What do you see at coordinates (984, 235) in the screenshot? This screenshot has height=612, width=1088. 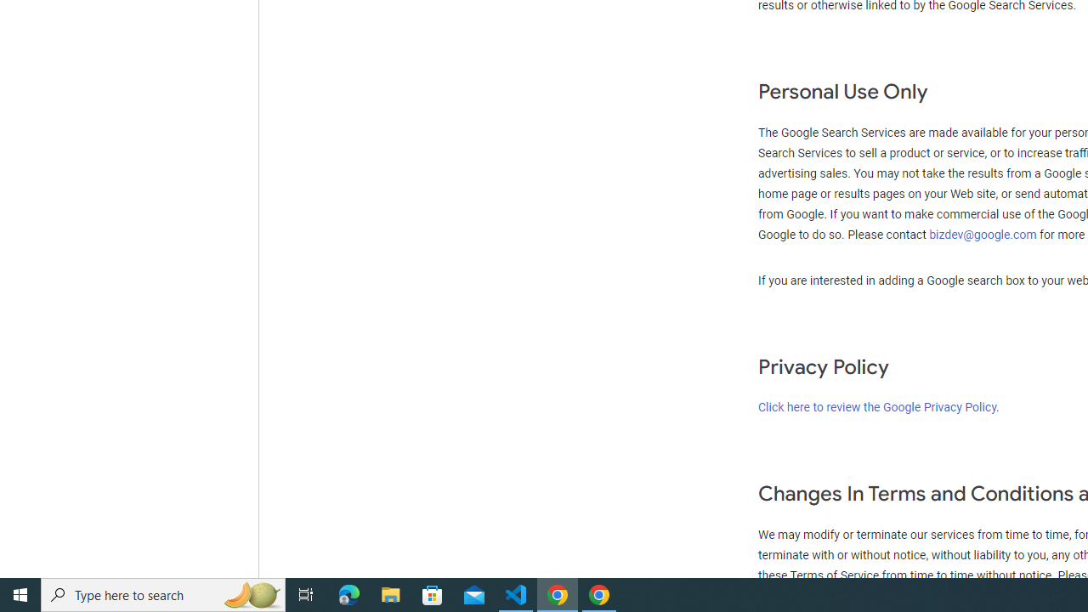 I see `'bizdev@google.com '` at bounding box center [984, 235].